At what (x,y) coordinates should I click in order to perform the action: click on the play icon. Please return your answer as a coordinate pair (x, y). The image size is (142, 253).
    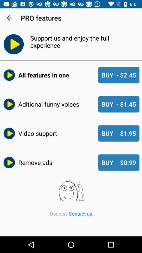
    Looking at the image, I should click on (8, 162).